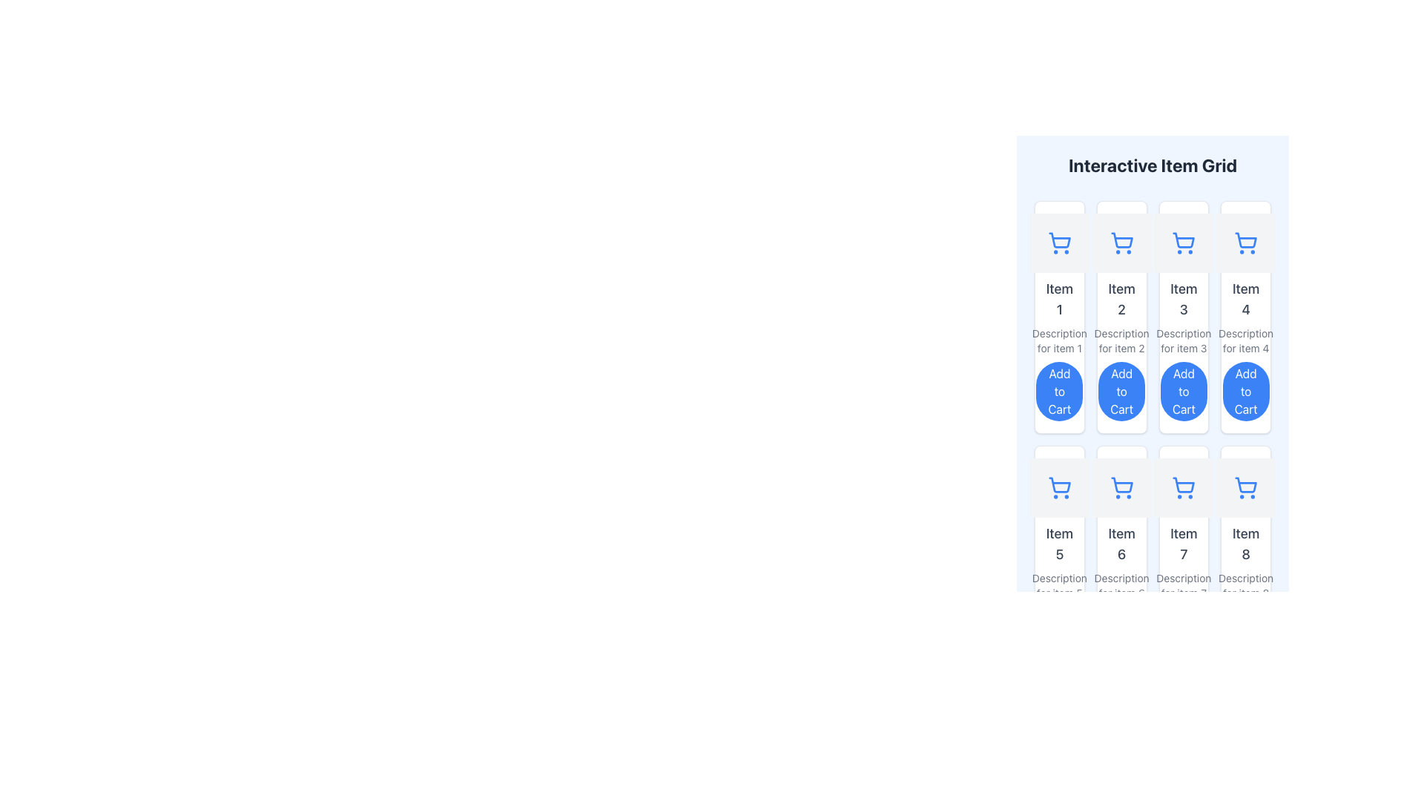 The height and width of the screenshot is (801, 1424). What do you see at coordinates (1121, 300) in the screenshot?
I see `the text element displaying 'Item 2', which is located in the second card of the top row in a 4x2 grid layout` at bounding box center [1121, 300].